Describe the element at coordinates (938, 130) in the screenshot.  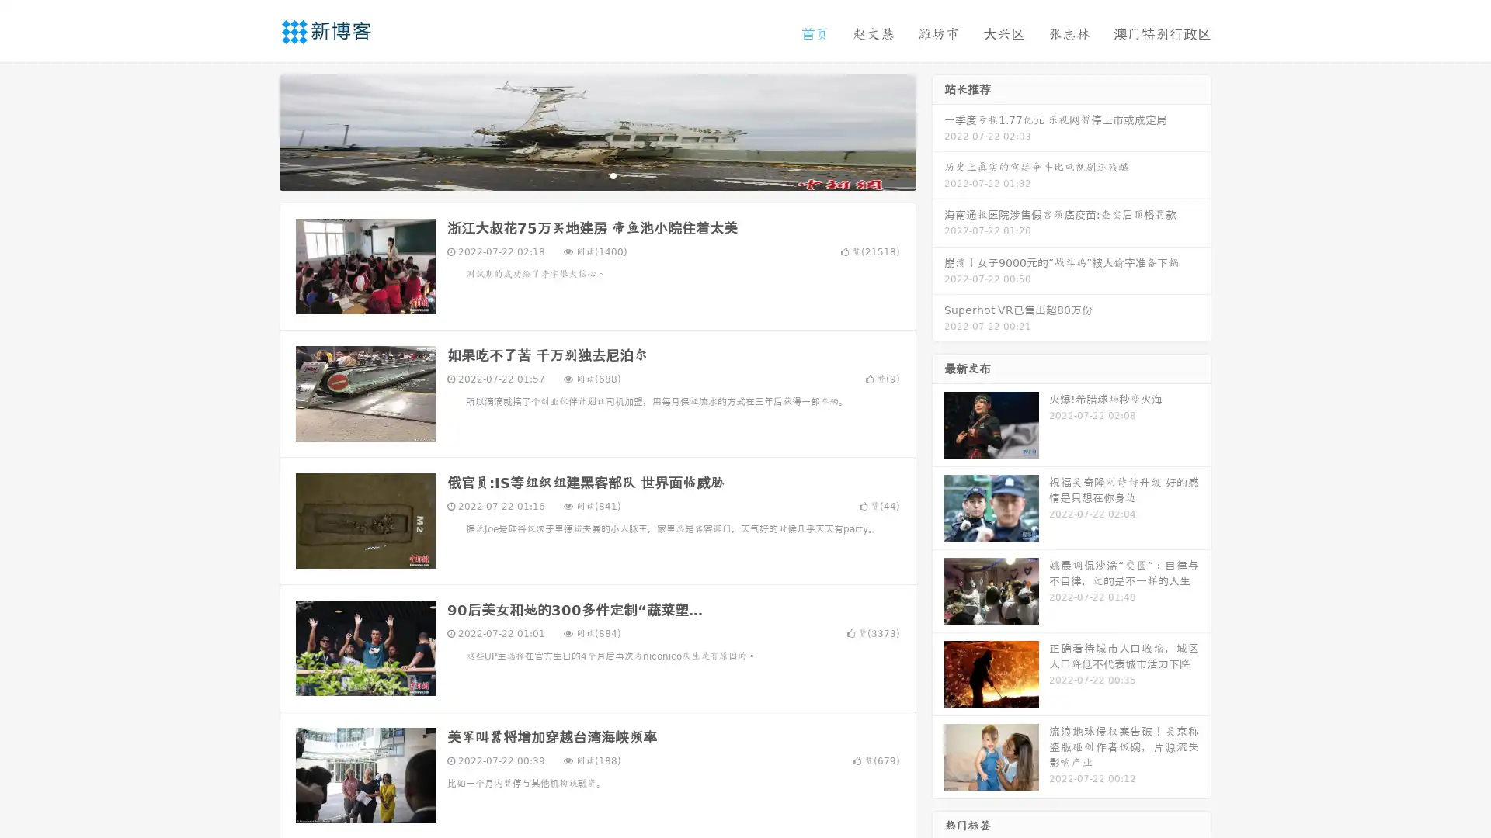
I see `Next slide` at that location.